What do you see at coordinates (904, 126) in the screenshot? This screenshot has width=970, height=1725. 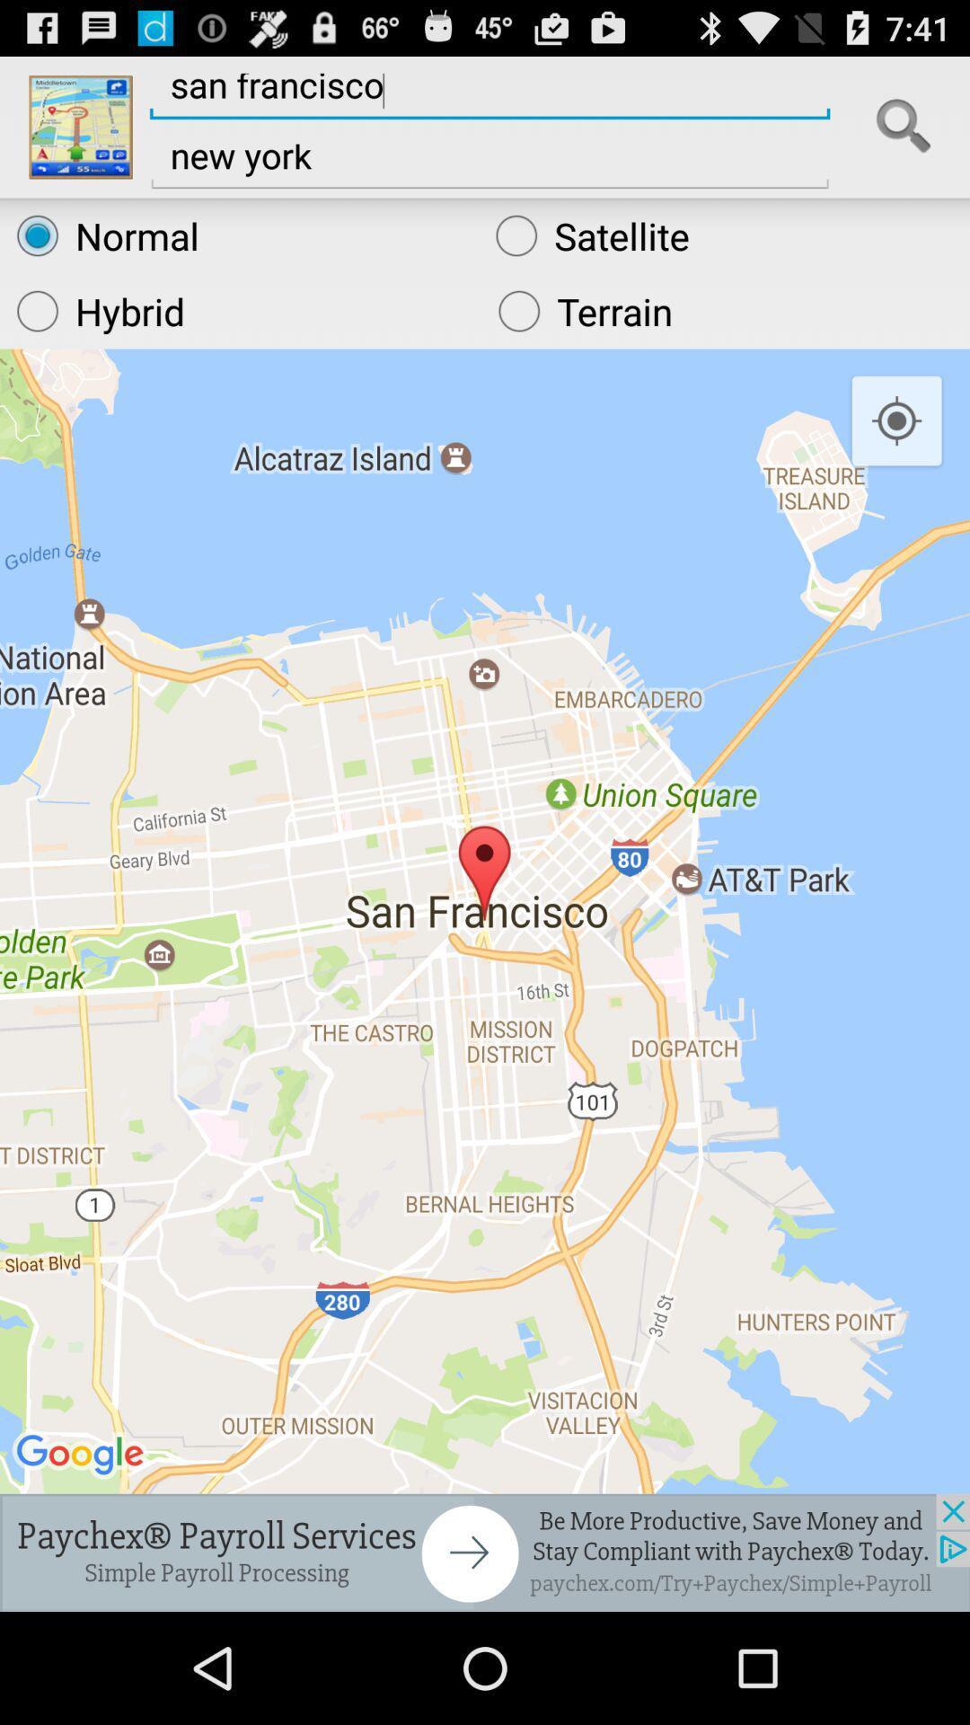 I see `search` at bounding box center [904, 126].